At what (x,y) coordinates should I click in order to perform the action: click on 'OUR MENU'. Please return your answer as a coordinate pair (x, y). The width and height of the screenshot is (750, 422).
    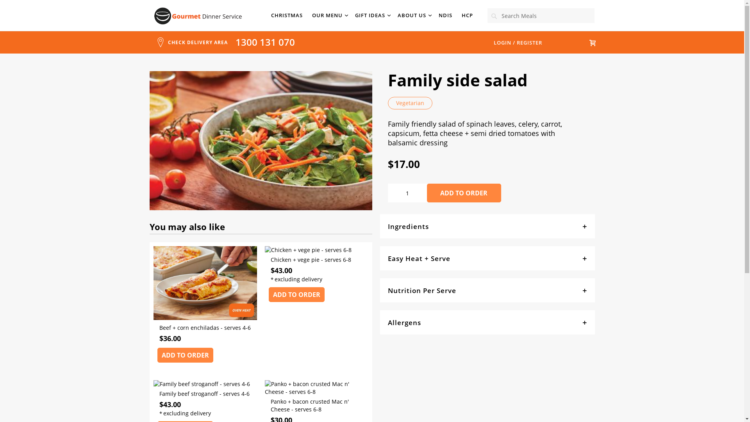
    Looking at the image, I should click on (329, 15).